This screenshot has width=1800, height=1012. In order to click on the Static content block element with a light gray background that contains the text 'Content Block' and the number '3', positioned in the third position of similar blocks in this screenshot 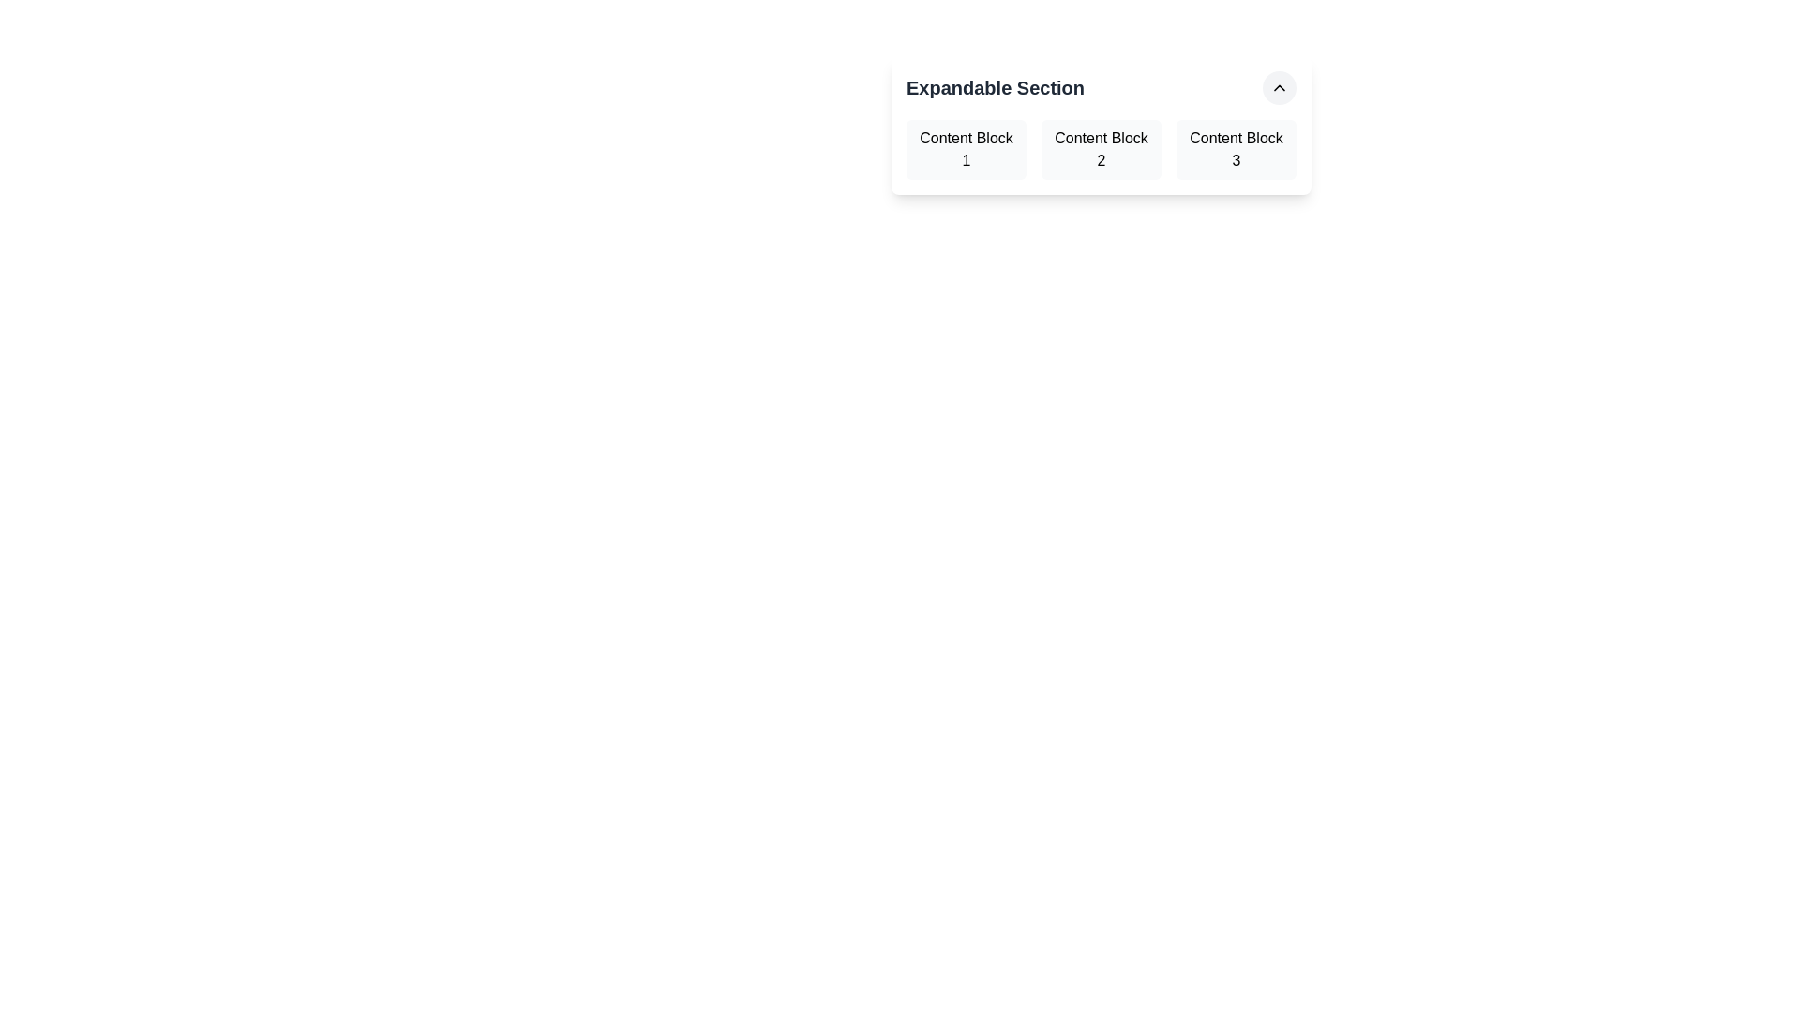, I will do `click(1237, 148)`.